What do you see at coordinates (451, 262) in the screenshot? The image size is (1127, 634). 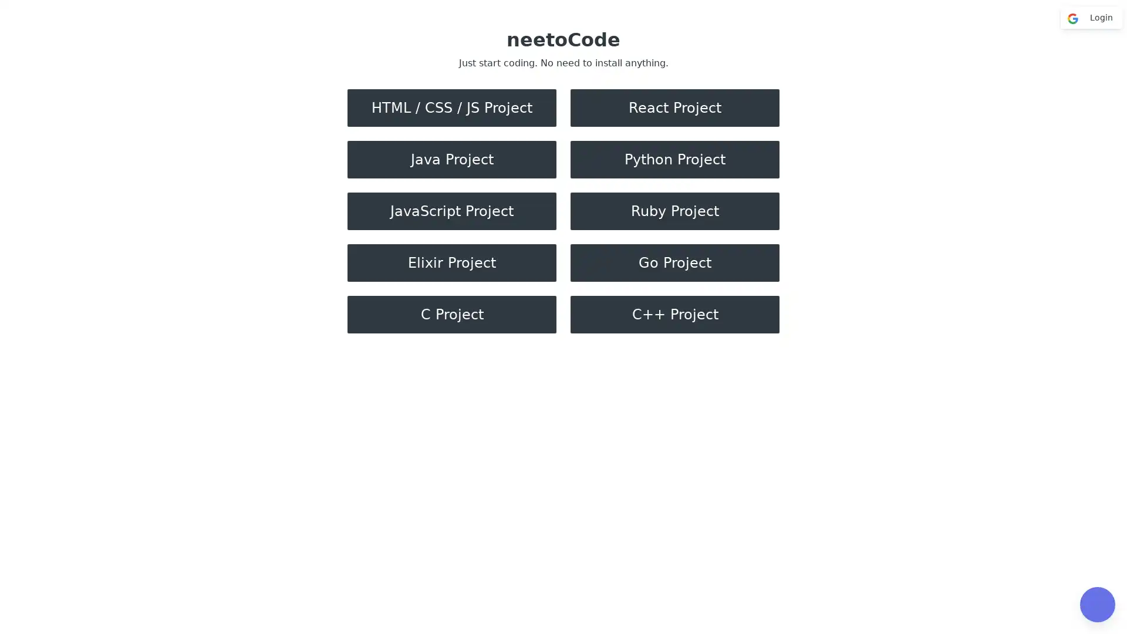 I see `Elixir Project` at bounding box center [451, 262].